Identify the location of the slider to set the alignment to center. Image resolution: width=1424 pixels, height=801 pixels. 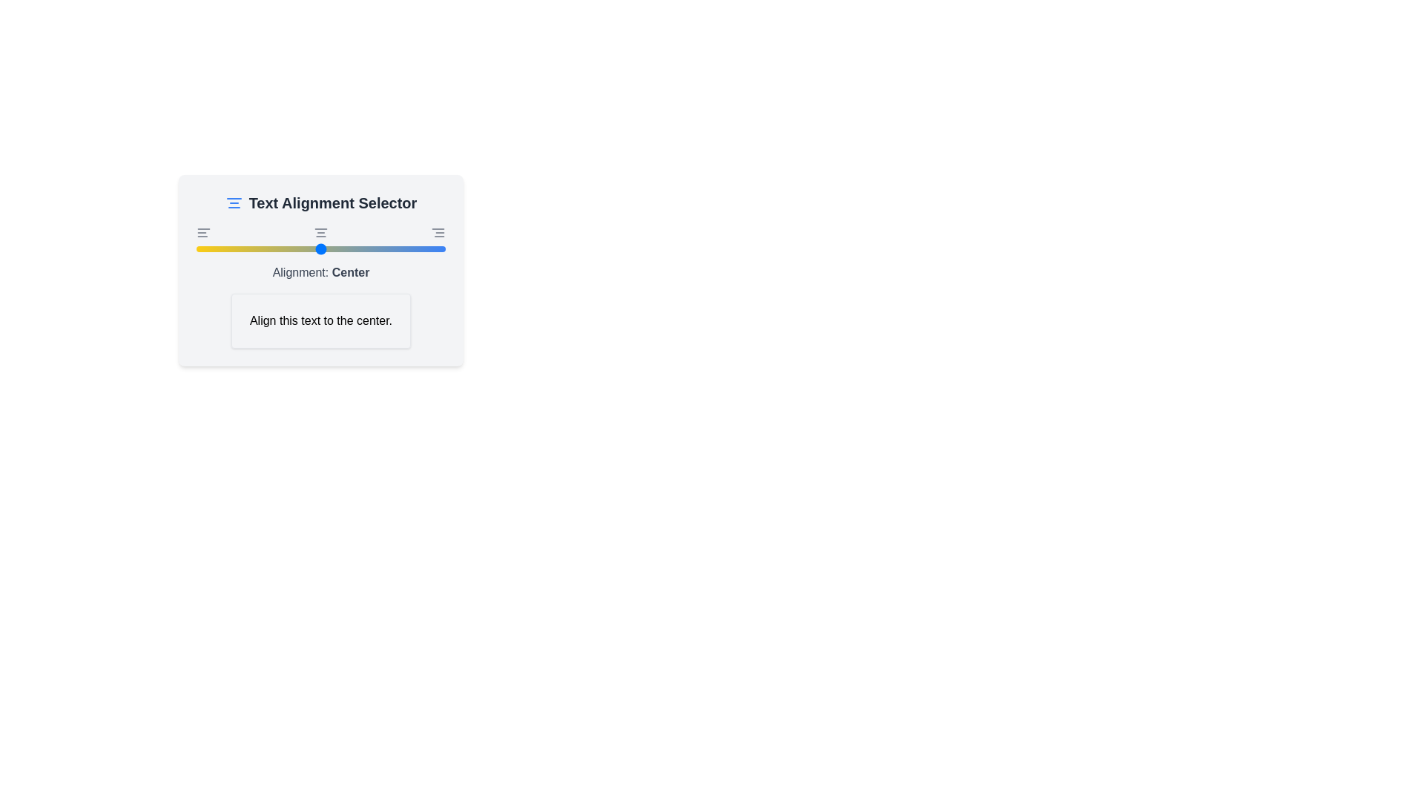
(320, 248).